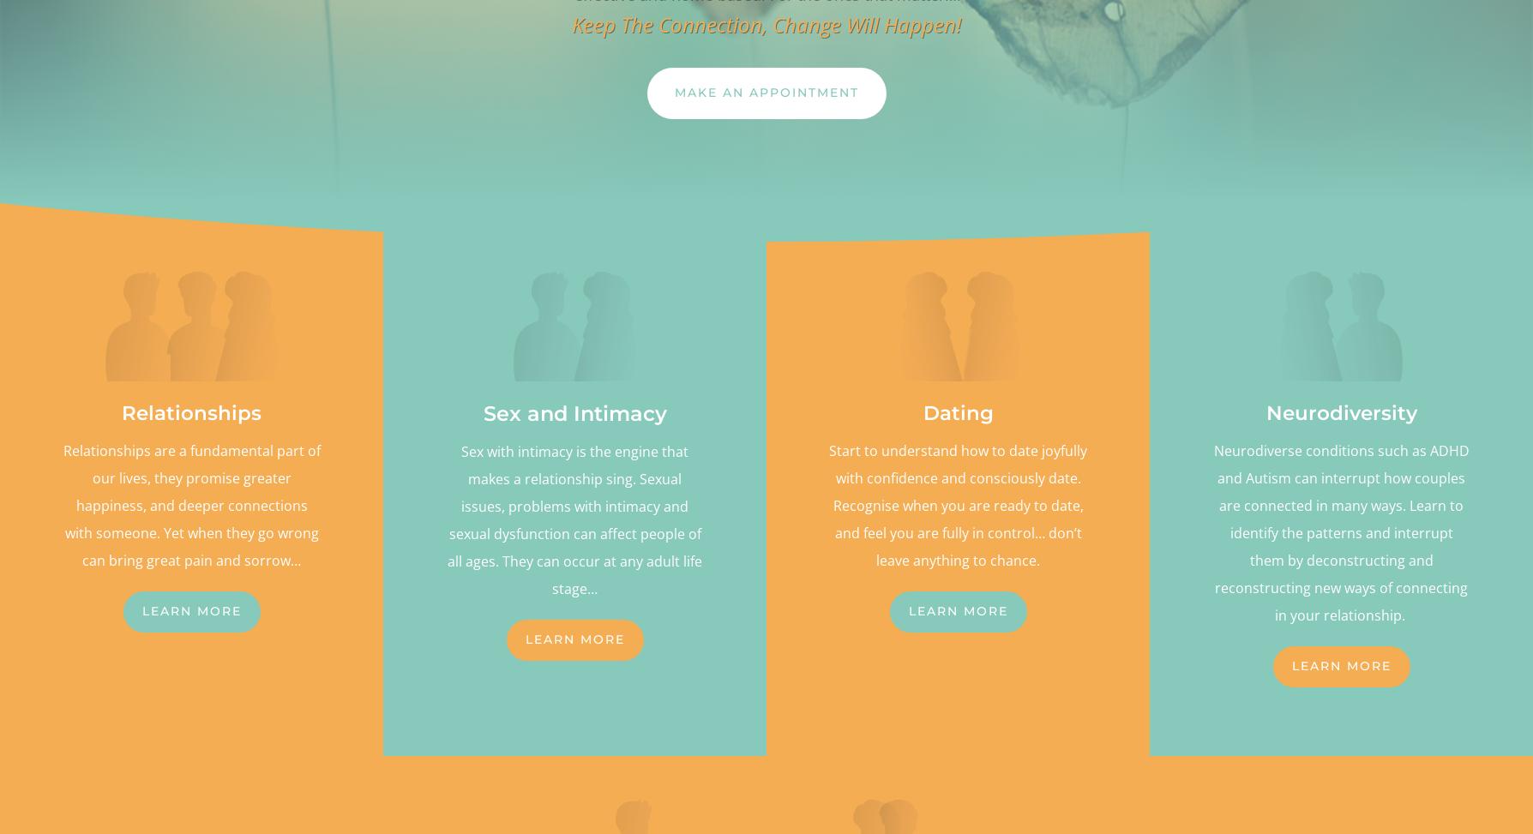  I want to click on 'Dating', so click(957, 413).